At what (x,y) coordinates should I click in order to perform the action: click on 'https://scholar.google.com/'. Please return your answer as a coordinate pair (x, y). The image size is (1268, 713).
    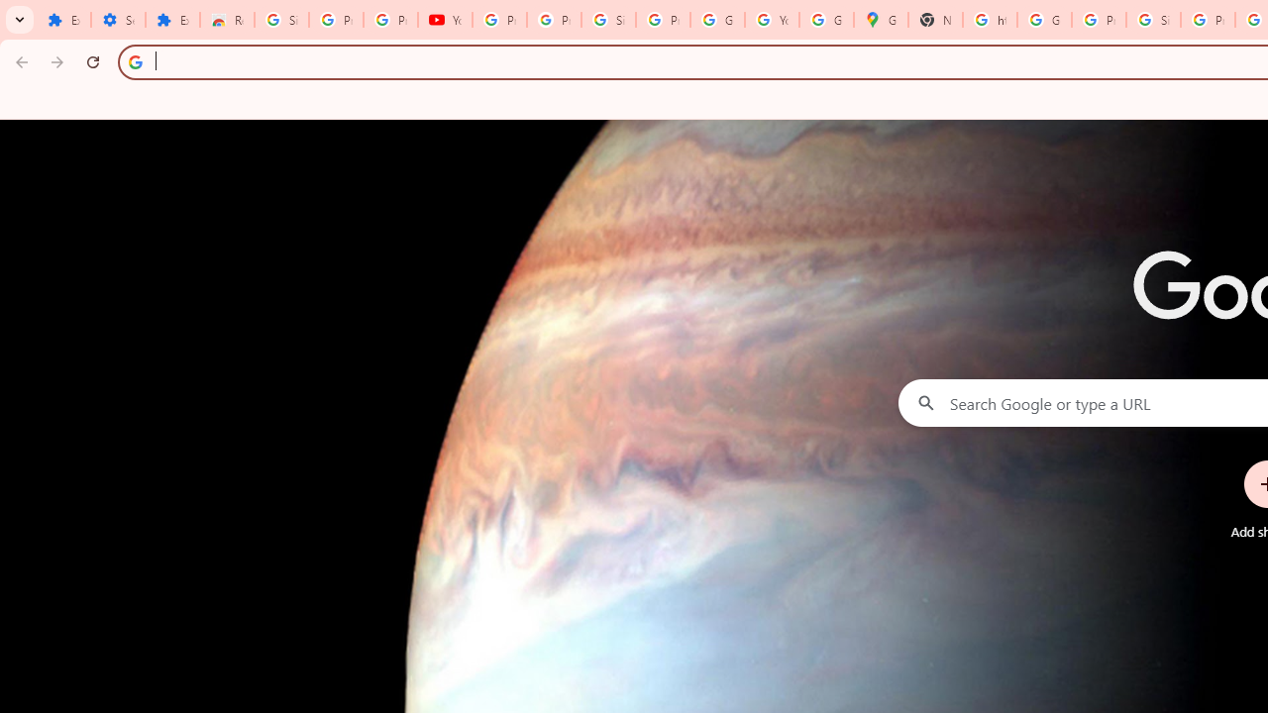
    Looking at the image, I should click on (990, 20).